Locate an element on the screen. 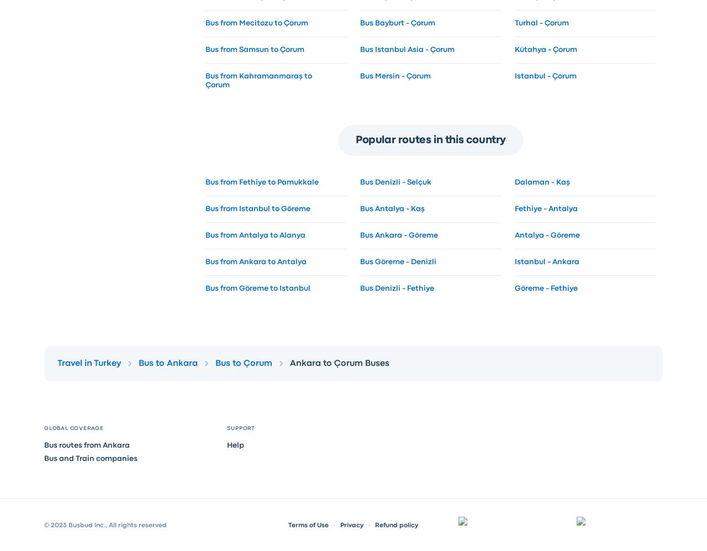 Image resolution: width=707 pixels, height=551 pixels. '© 2023 Busbud Inc., All rights reserved' is located at coordinates (105, 525).